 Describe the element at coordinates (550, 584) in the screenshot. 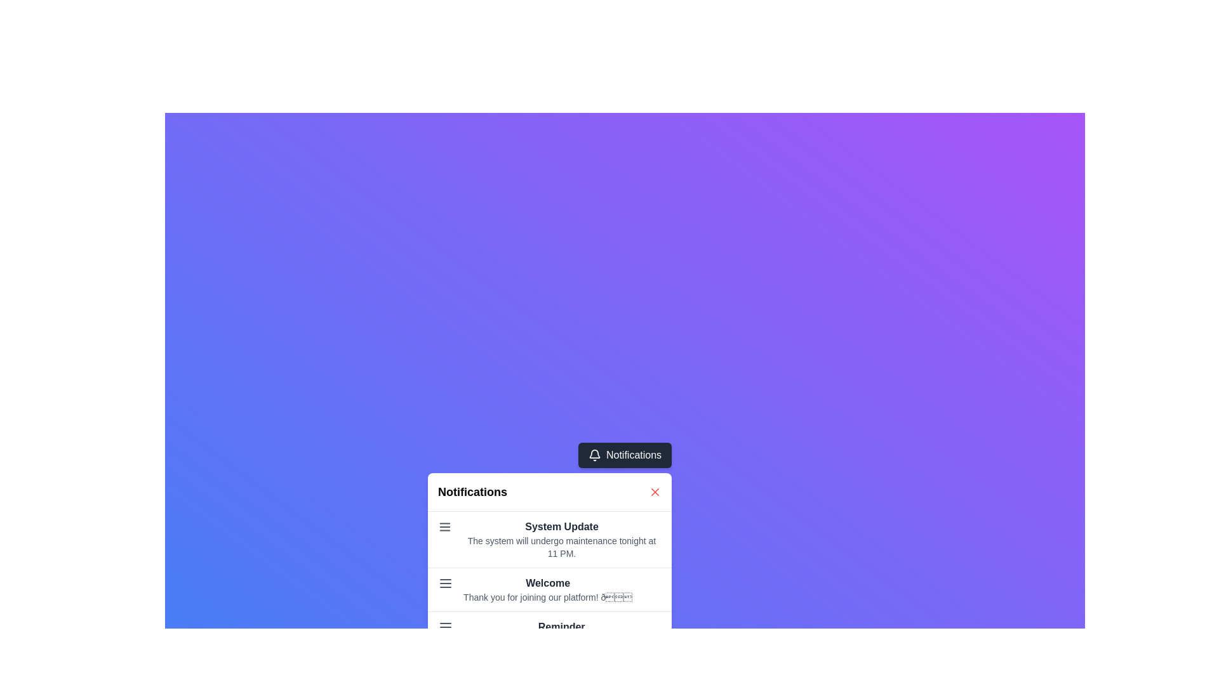

I see `the second notification item in the notification panel that welcomes the user to the platform, positioned between 'System Update' and 'Reminder'` at that location.